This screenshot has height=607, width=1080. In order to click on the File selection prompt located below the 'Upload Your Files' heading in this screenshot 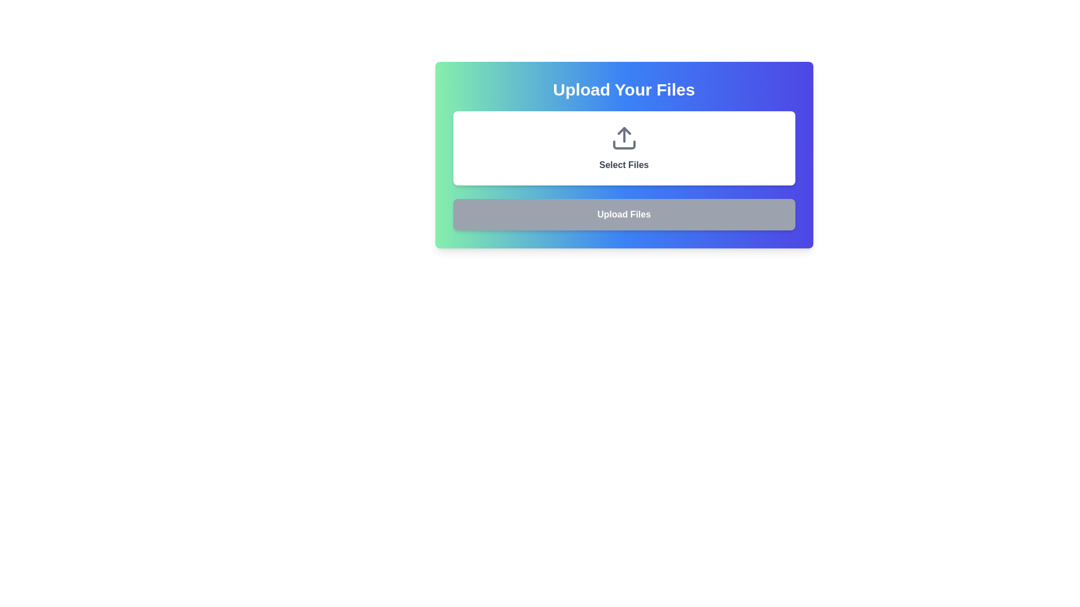, I will do `click(623, 147)`.